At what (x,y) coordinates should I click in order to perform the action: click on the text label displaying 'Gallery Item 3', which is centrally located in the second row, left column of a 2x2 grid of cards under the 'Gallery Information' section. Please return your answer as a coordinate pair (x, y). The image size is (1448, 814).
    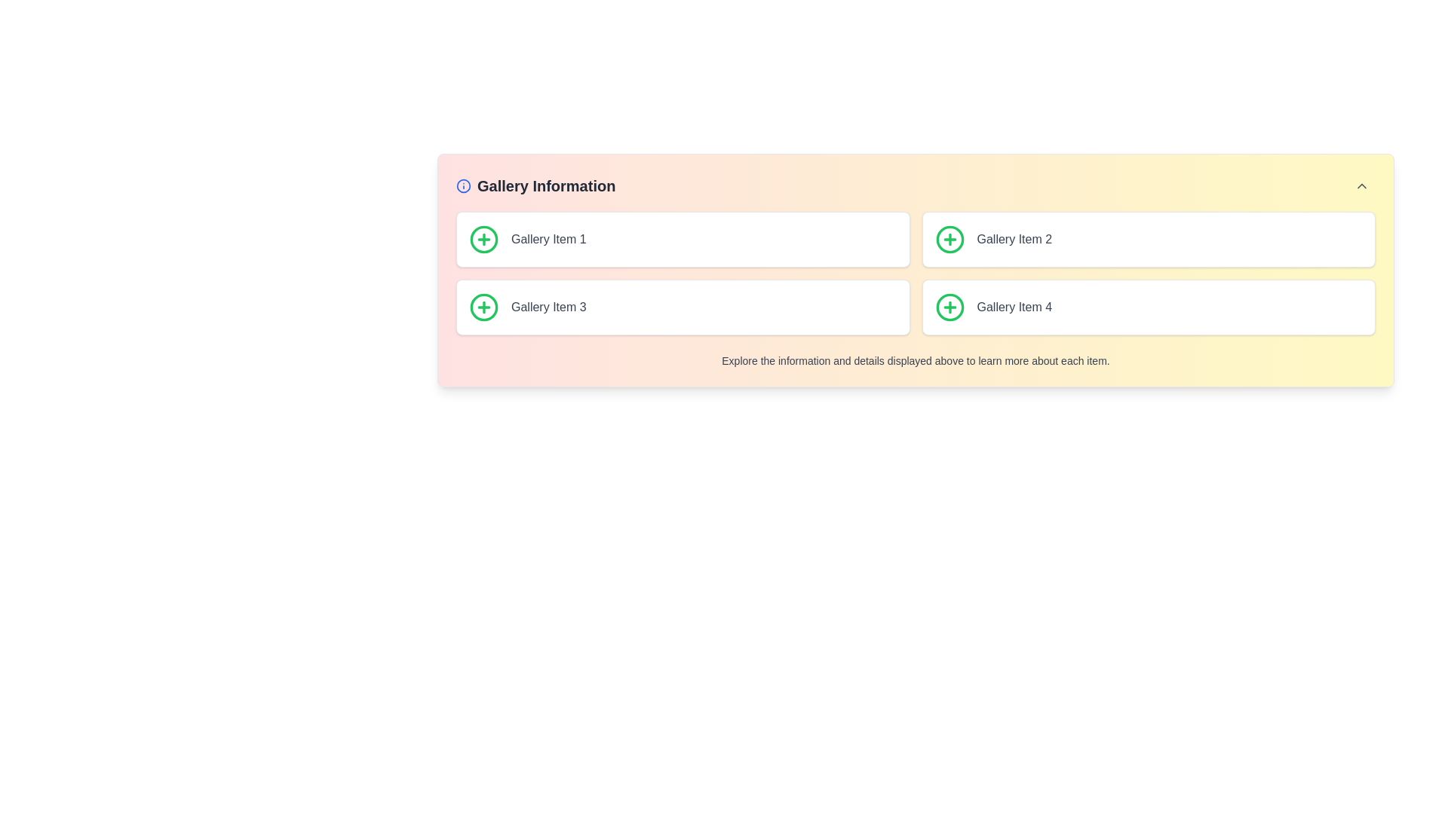
    Looking at the image, I should click on (548, 307).